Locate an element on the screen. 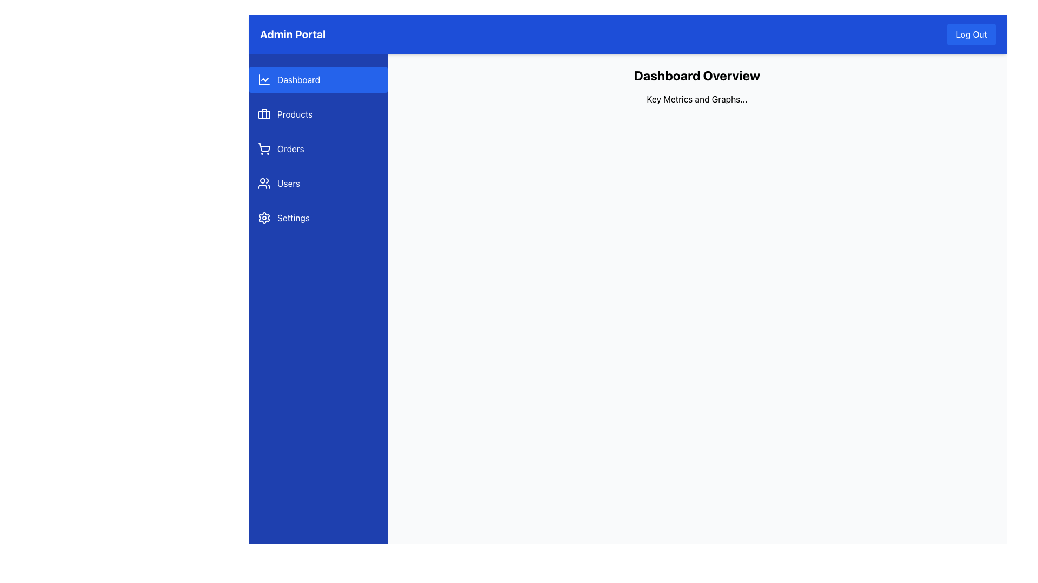  the thin vertical rectangle that is part of the 'Products' menu icon in the left sidebar, which is styled to match the surrounding monotone elements is located at coordinates (264, 114).